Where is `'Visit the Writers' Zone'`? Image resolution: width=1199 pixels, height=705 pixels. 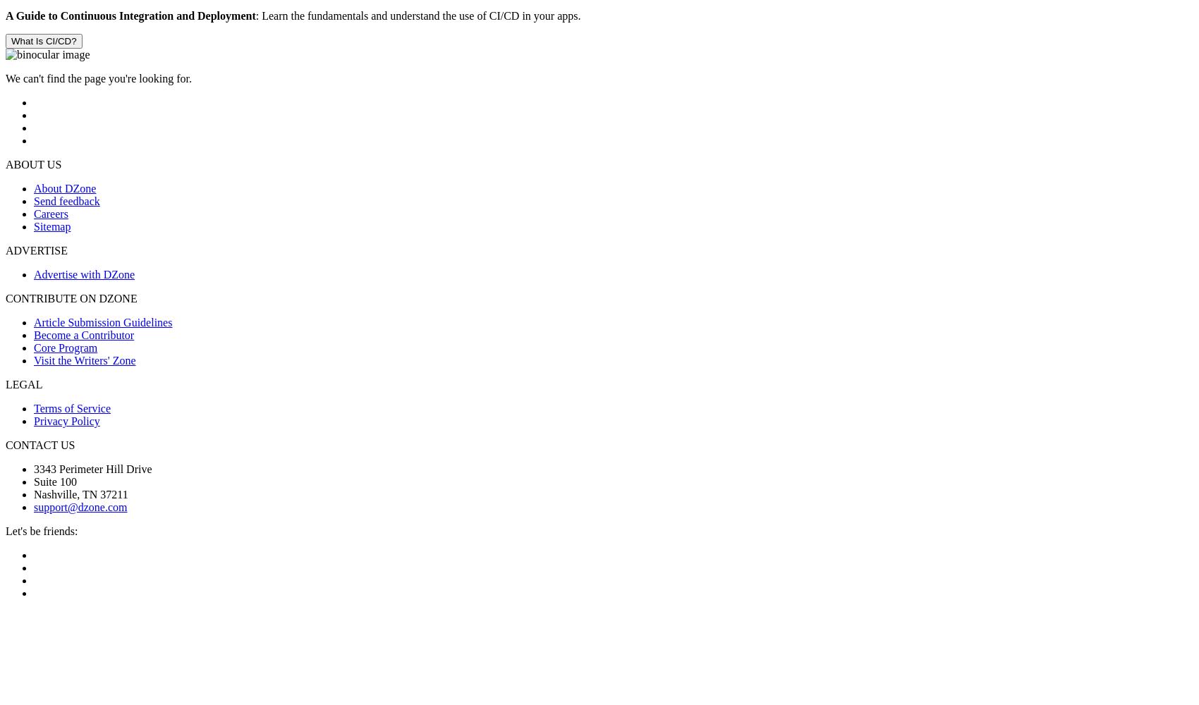
'Visit the Writers' Zone' is located at coordinates (33, 360).